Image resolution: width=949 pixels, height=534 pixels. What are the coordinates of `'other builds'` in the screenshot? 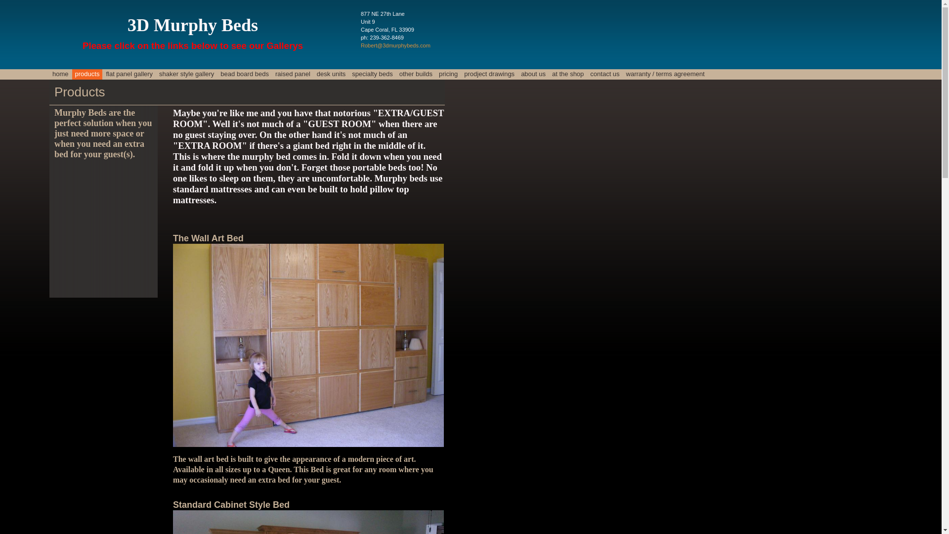 It's located at (416, 74).